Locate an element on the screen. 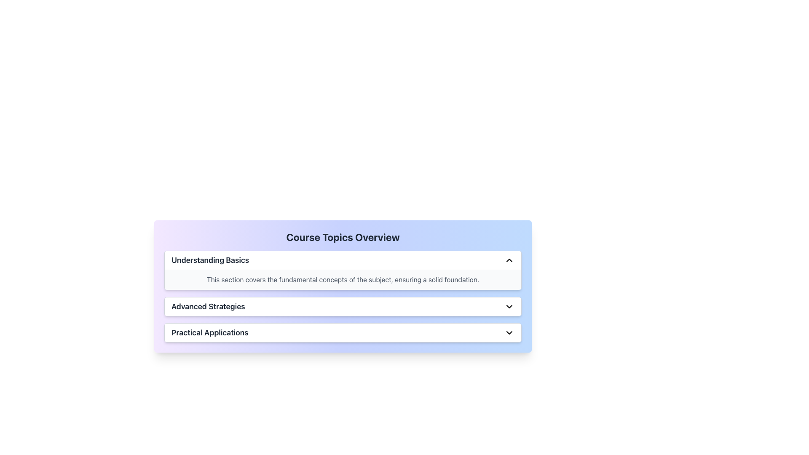 The image size is (809, 455). the second selectable row labeled 'Advanced Strategies' is located at coordinates (343, 307).